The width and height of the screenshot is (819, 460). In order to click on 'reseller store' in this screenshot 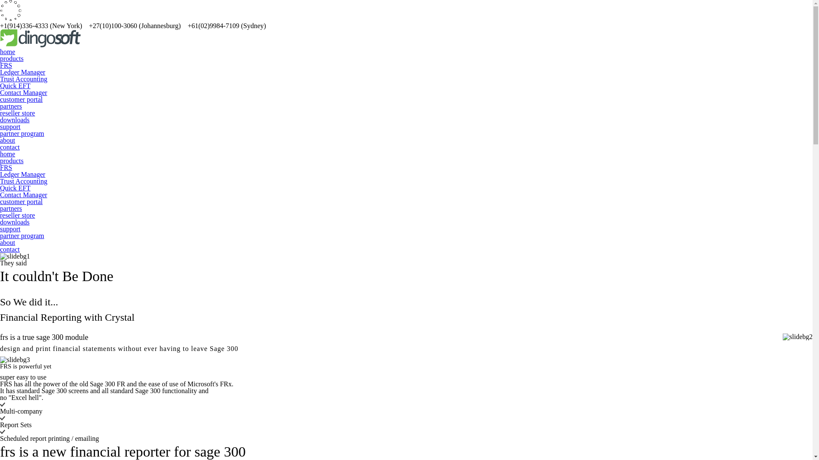, I will do `click(17, 215)`.